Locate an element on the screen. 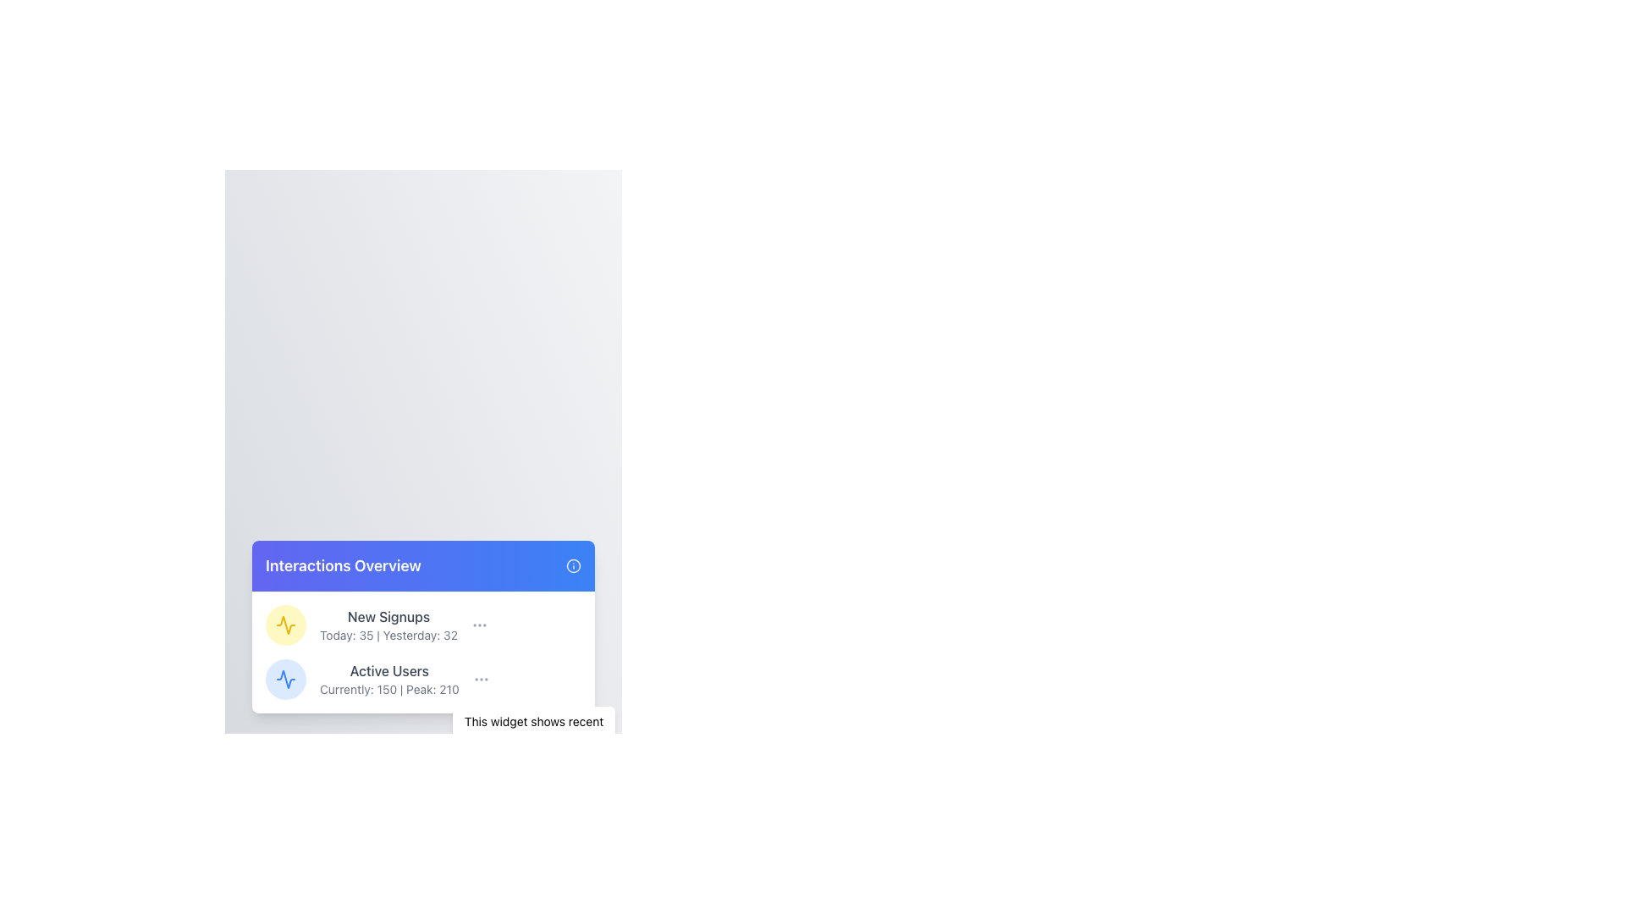  the Text Display element that shows 'Currently: 150 | Peak: 210', located below 'Active Users' in the 'Interactions Overview' section is located at coordinates (388, 689).